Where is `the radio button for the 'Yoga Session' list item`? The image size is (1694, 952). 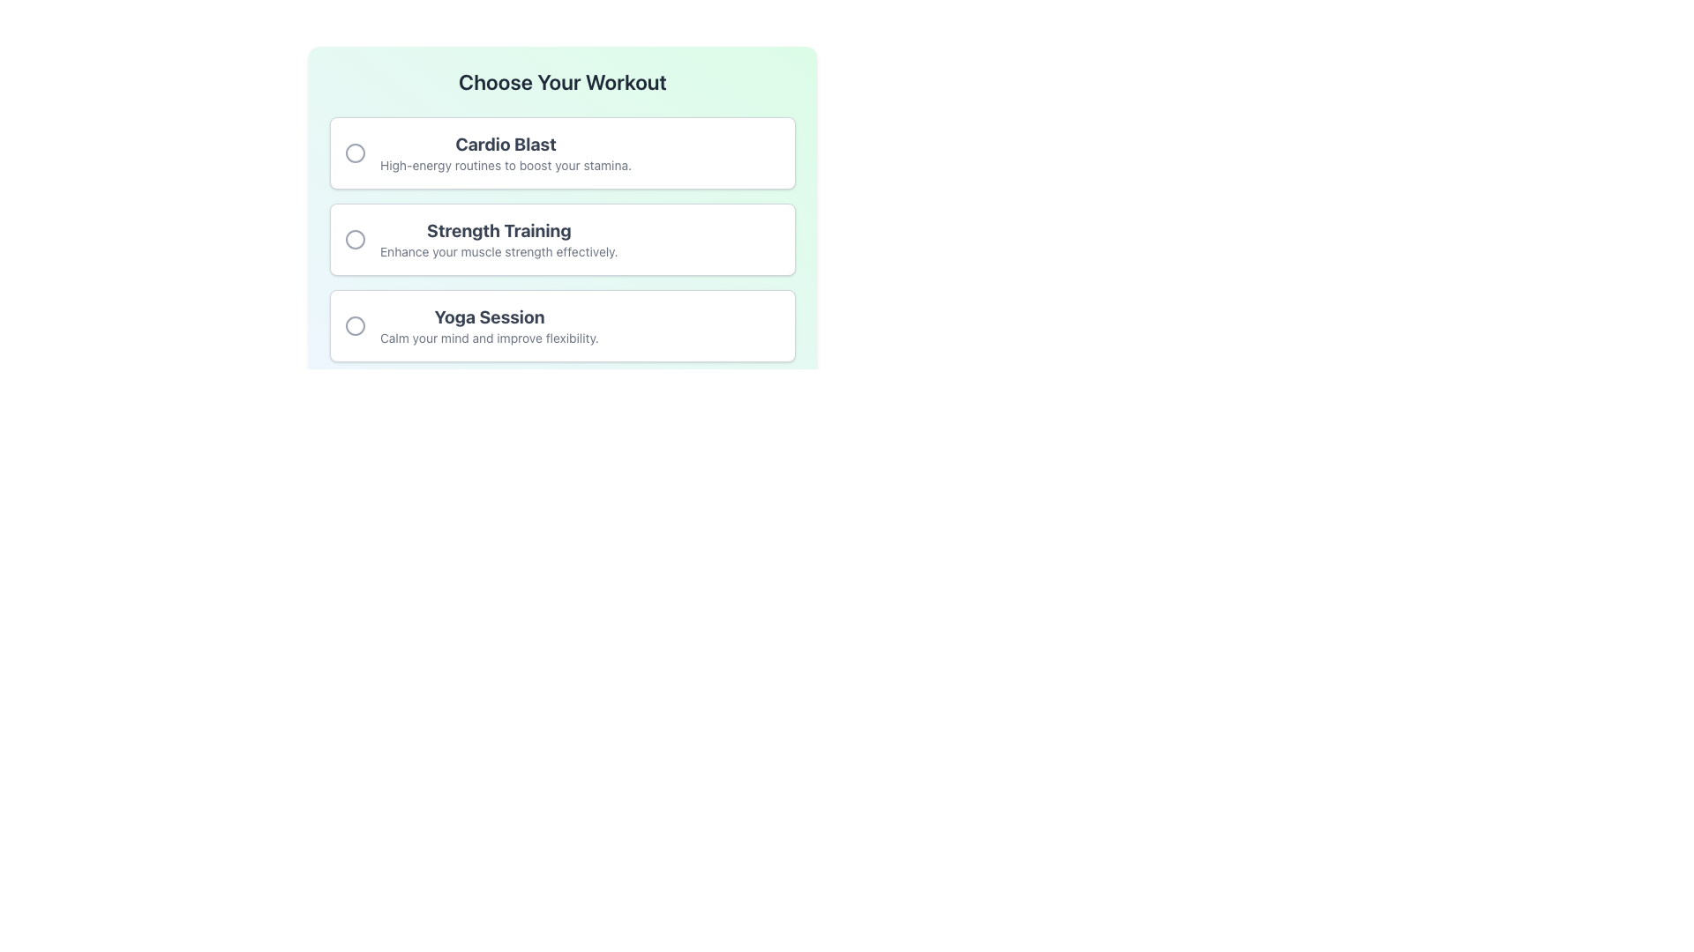
the radio button for the 'Yoga Session' list item is located at coordinates (355, 326).